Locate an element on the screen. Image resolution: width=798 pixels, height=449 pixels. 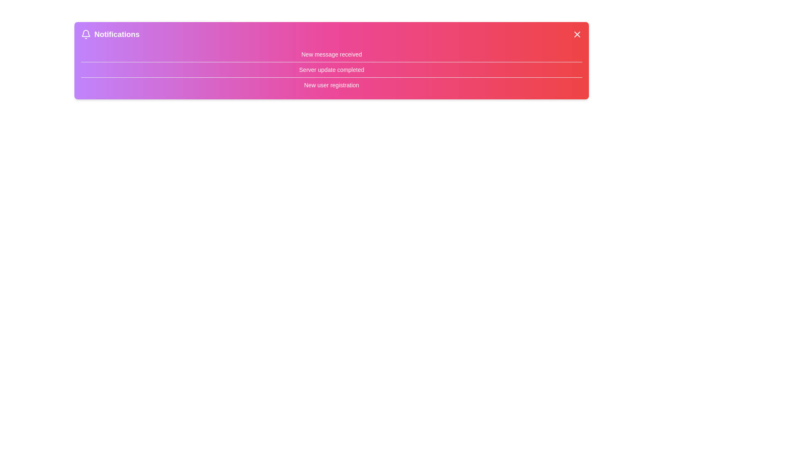
text label located at the top-left corner of the notification panel, which serves as a title for the panel and is positioned to the right of the bell icon is located at coordinates (116, 34).